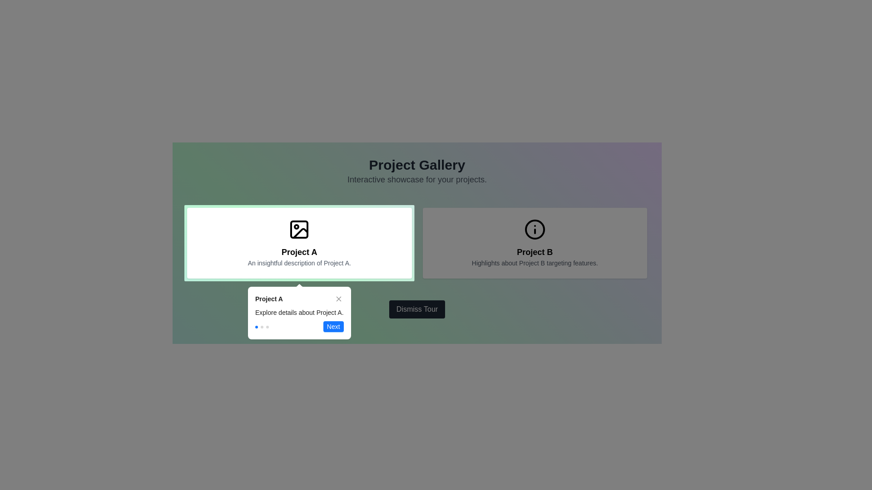  What do you see at coordinates (535, 229) in the screenshot?
I see `the information icon represented by a circular outline with the letter 'i', located in the content box for 'Project B'` at bounding box center [535, 229].